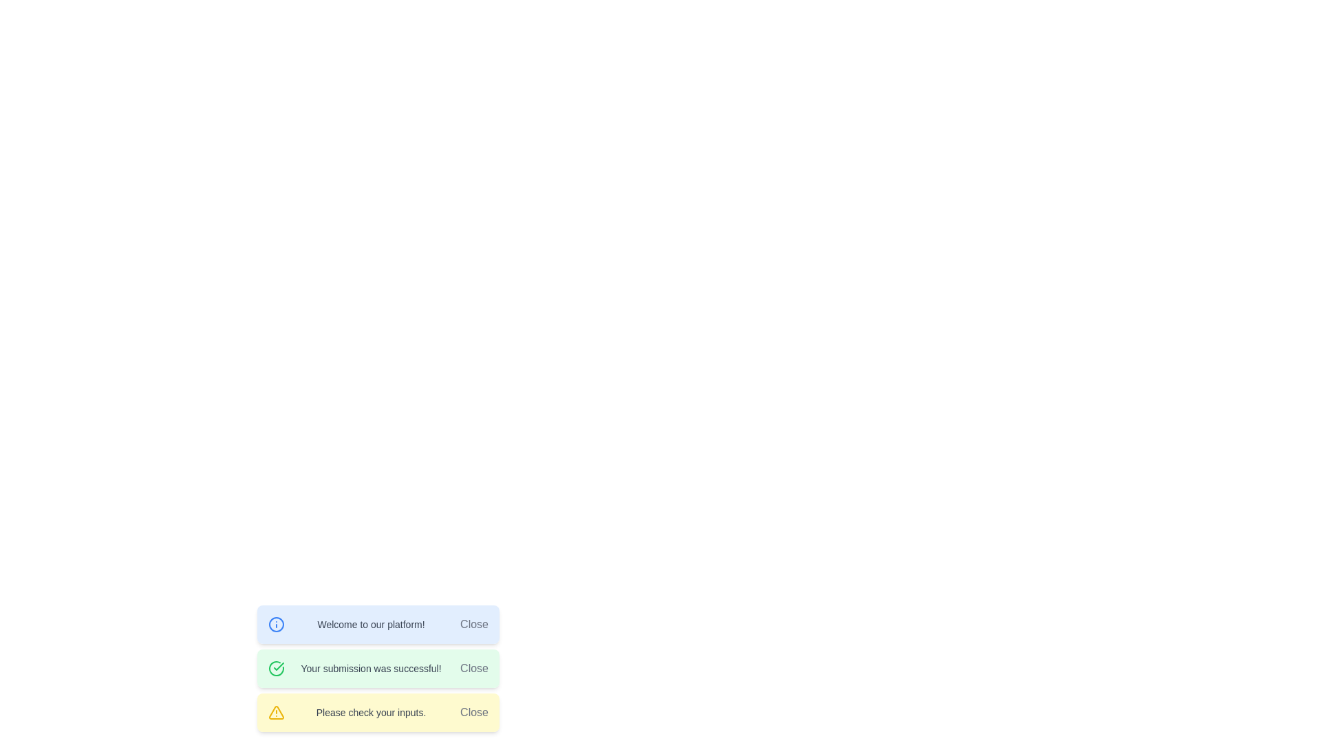  Describe the element at coordinates (276, 624) in the screenshot. I see `the outer circle of the information symbol icon, which is a circular icon filled with a light shade of blue and having a darker blue outline` at that location.